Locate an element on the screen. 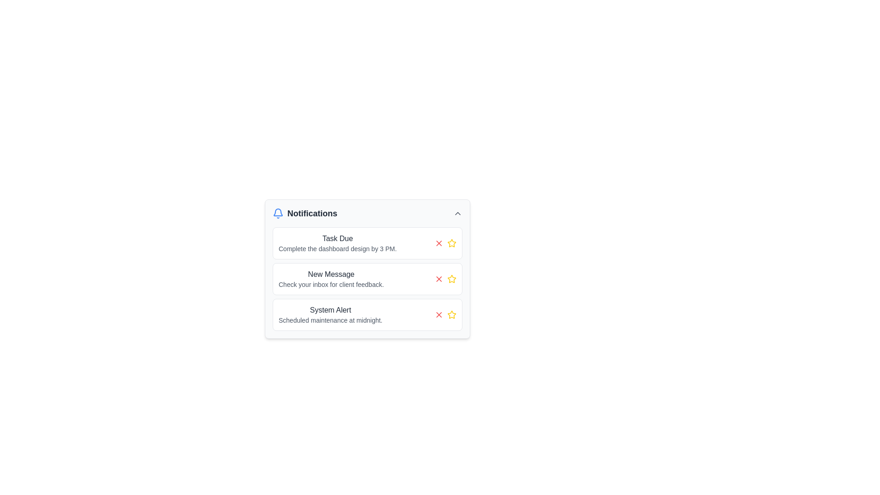 Image resolution: width=880 pixels, height=495 pixels. the star icon on the System Alert notification is located at coordinates (367, 314).